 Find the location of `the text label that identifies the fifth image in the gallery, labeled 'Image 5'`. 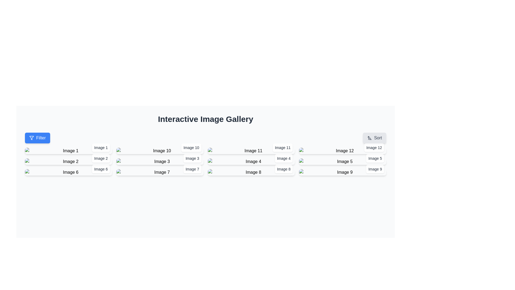

the text label that identifies the fifth image in the gallery, labeled 'Image 5' is located at coordinates (375, 158).